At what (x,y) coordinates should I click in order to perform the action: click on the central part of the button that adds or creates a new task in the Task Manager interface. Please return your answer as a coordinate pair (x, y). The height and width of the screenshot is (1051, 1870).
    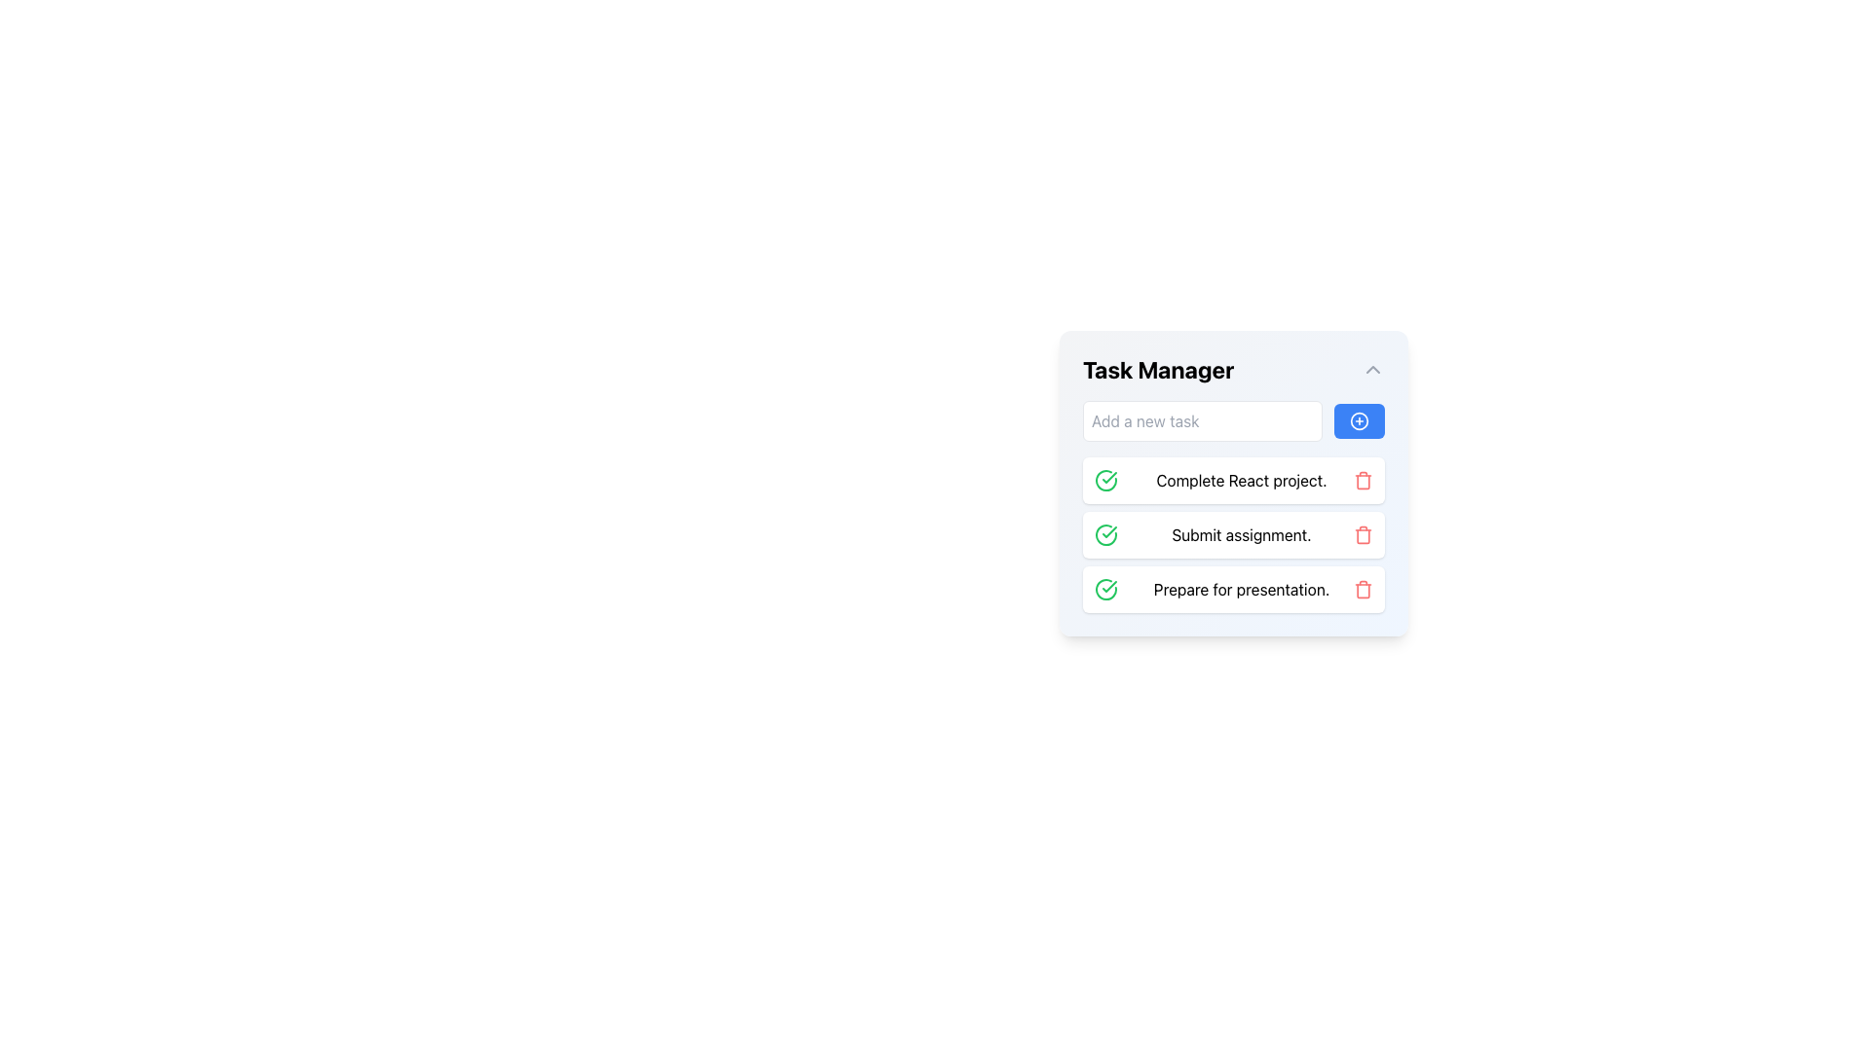
    Looking at the image, I should click on (1359, 419).